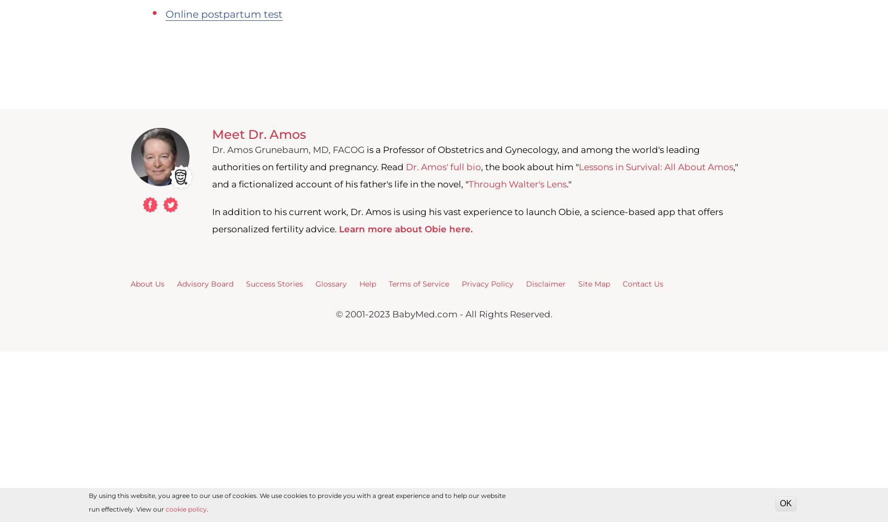 The image size is (888, 522). What do you see at coordinates (166, 508) in the screenshot?
I see `'cookie policy'` at bounding box center [166, 508].